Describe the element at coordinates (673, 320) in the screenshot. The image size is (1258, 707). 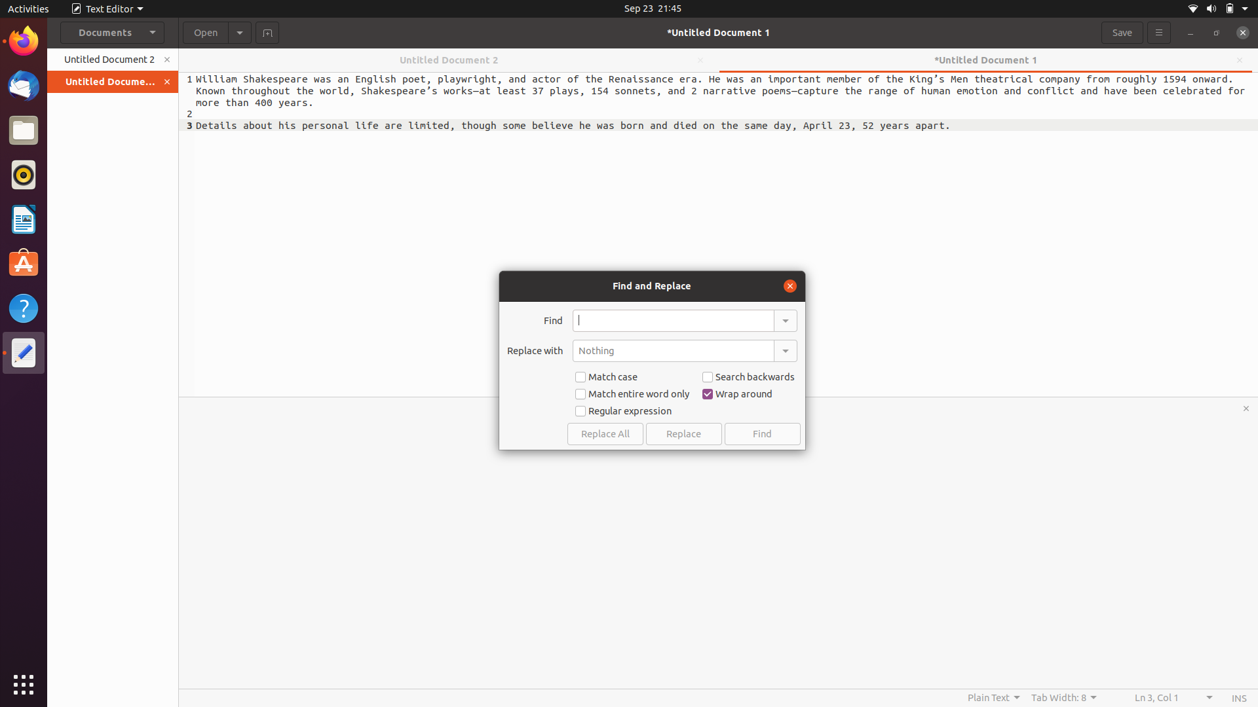
I see `Replace the word "happy" with "joyful" in the document` at that location.